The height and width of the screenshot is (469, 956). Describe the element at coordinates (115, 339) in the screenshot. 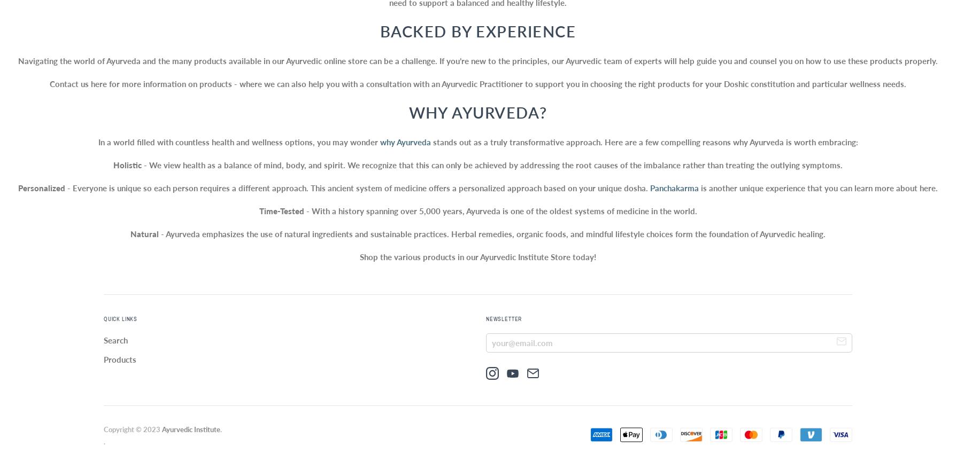

I see `'Search'` at that location.